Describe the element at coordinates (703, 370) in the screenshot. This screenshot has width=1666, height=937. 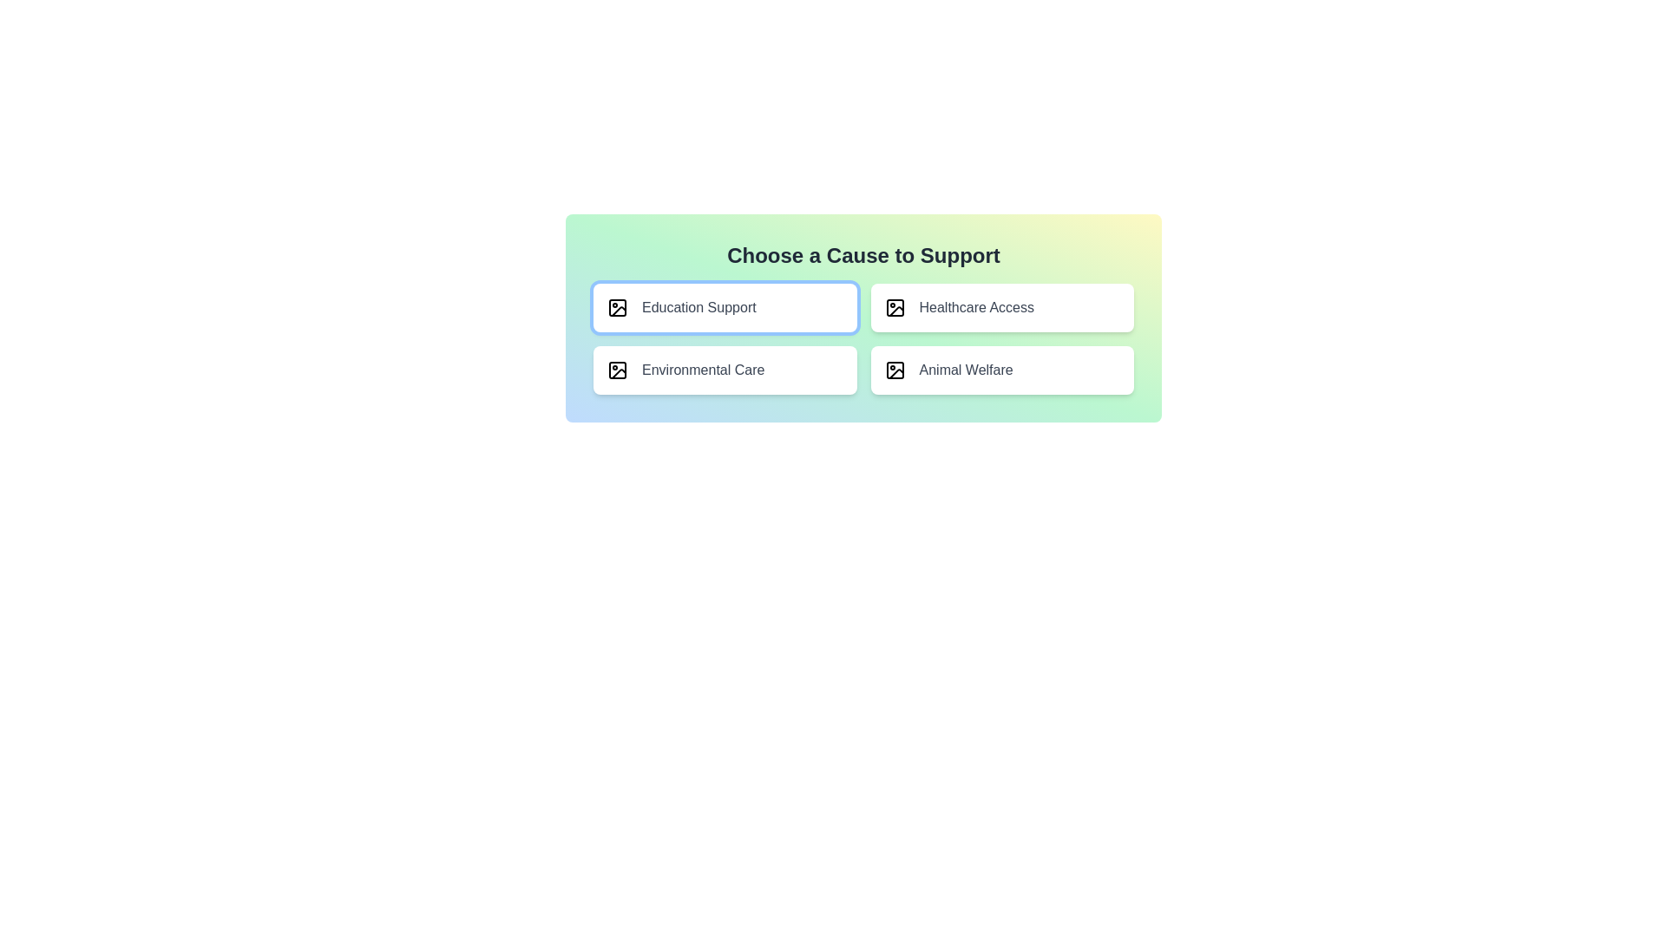
I see `the text label displaying 'Environmental Care', which is styled in gray and located within a rectangular button in the bottom-left quadrant of a four-button grid layout` at that location.